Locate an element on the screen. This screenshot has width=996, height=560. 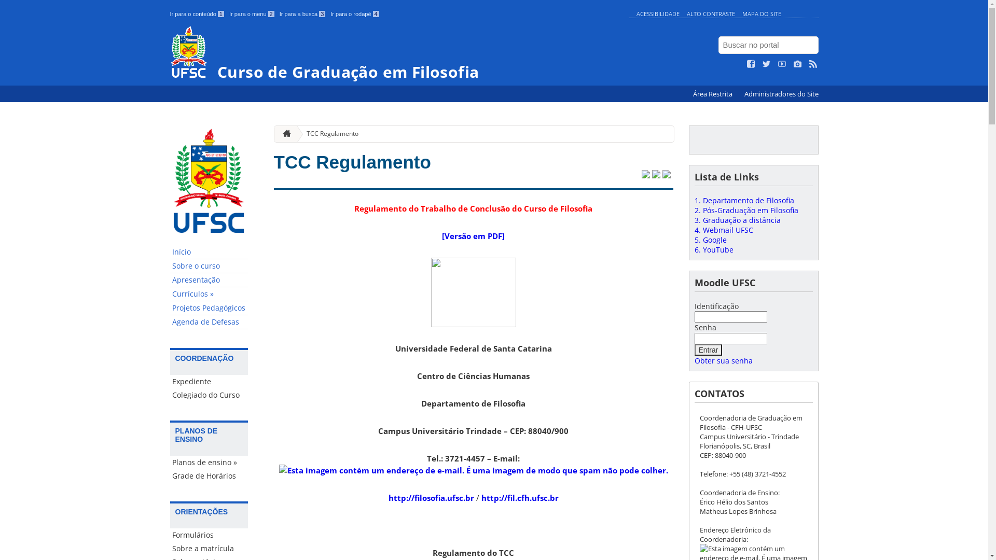
'http://filosofia.ufsc.br' is located at coordinates (431, 497).